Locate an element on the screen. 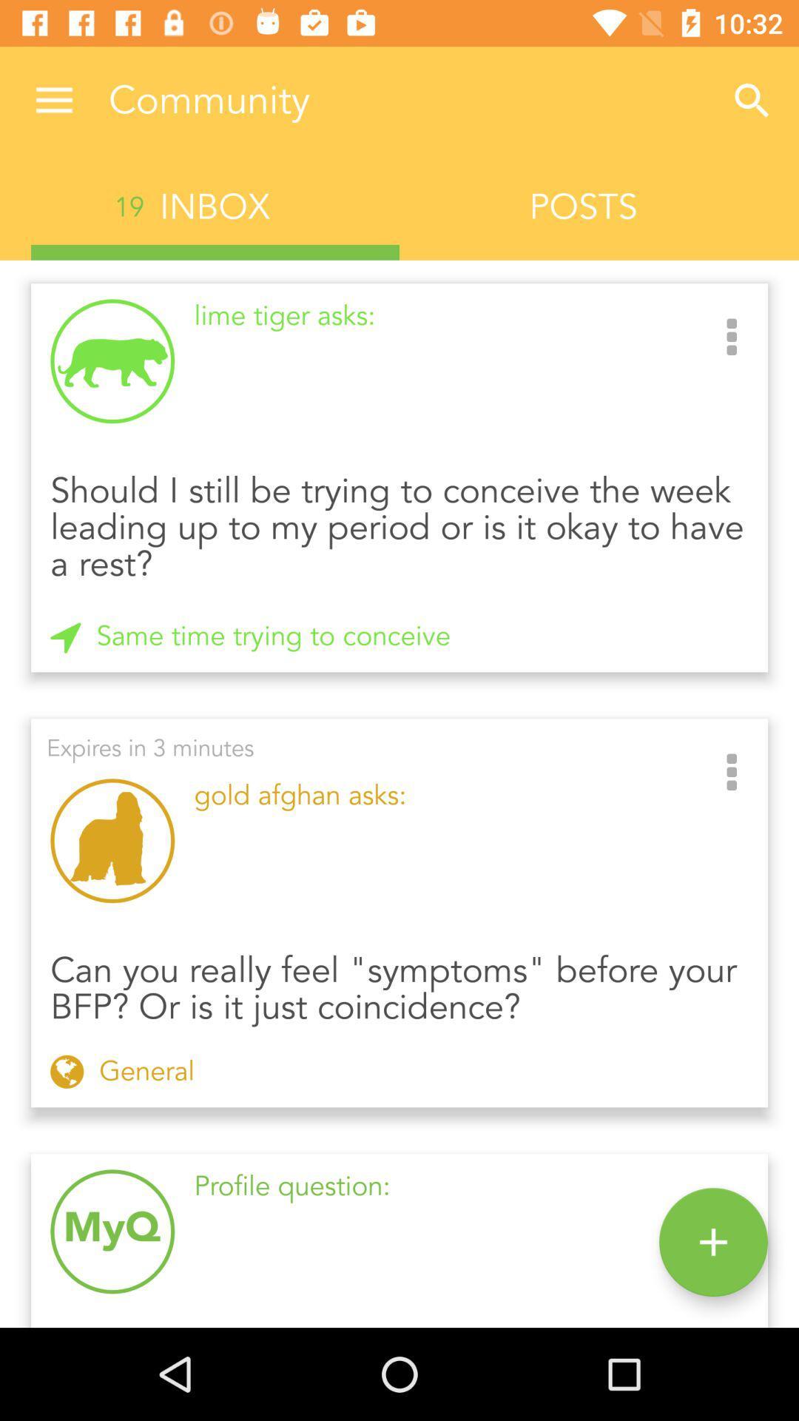 The image size is (799, 1421). the item to the right of gold afghan asks: item is located at coordinates (731, 773).